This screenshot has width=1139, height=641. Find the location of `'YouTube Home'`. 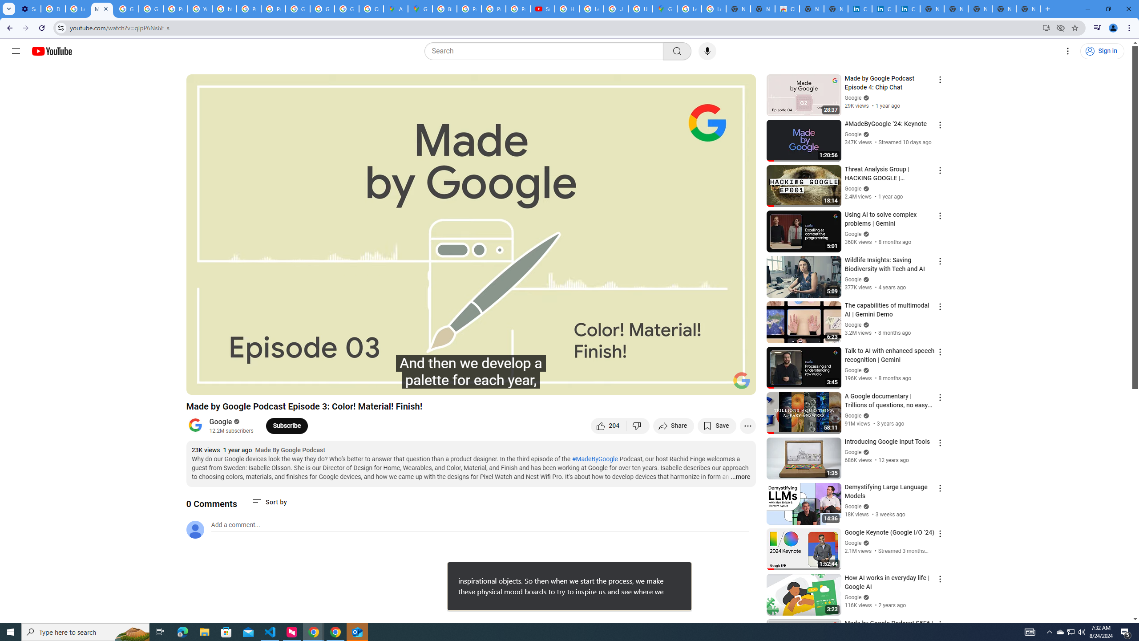

'YouTube Home' is located at coordinates (51, 51).